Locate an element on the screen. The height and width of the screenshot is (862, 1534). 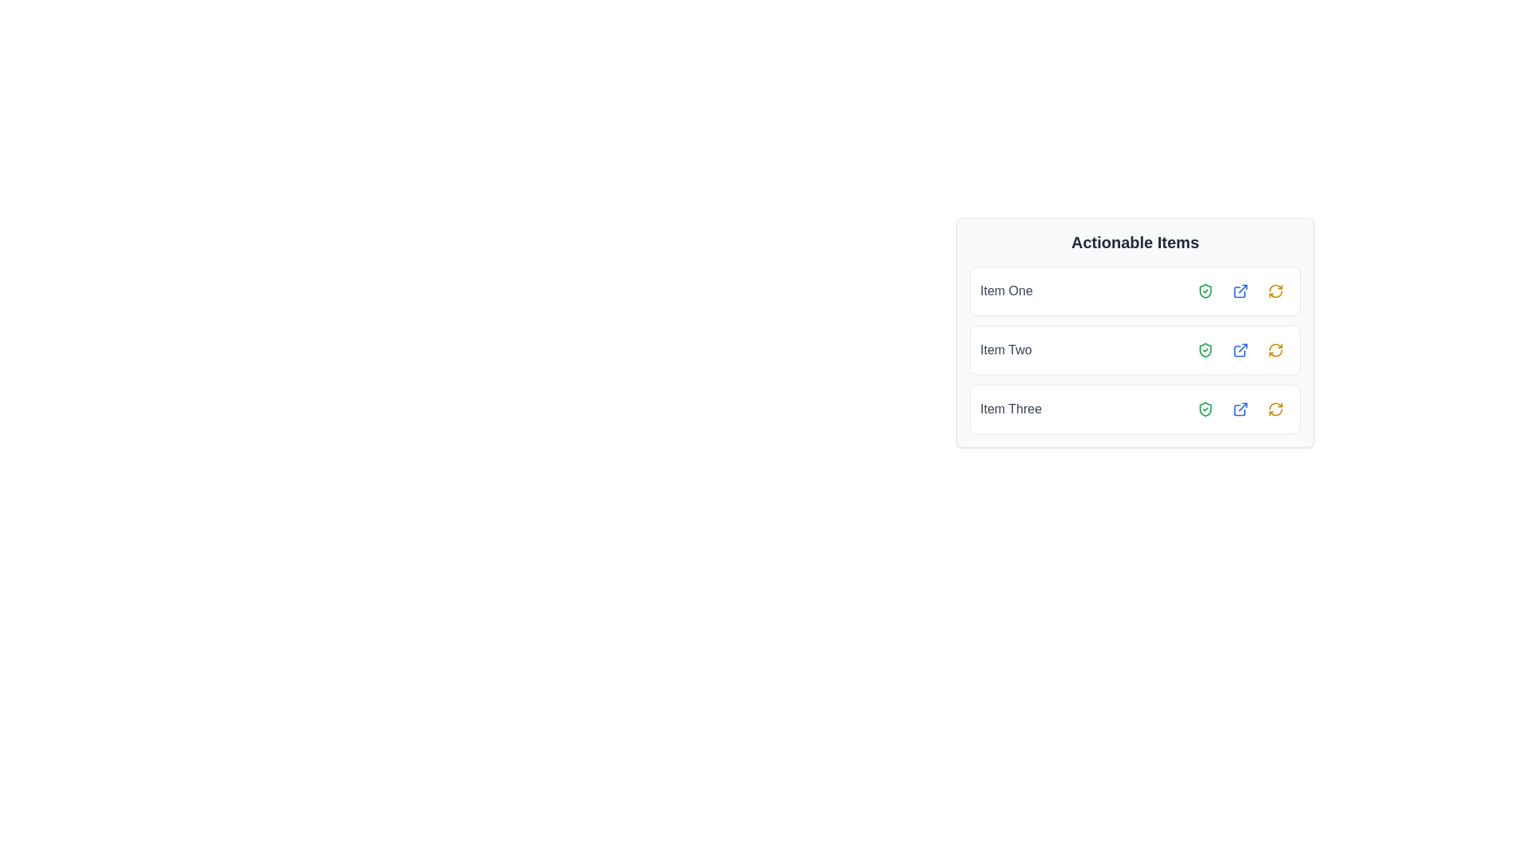
the refresh button located in the last row of the 'Actionable Items' list under 'Item Three' is located at coordinates (1275, 409).